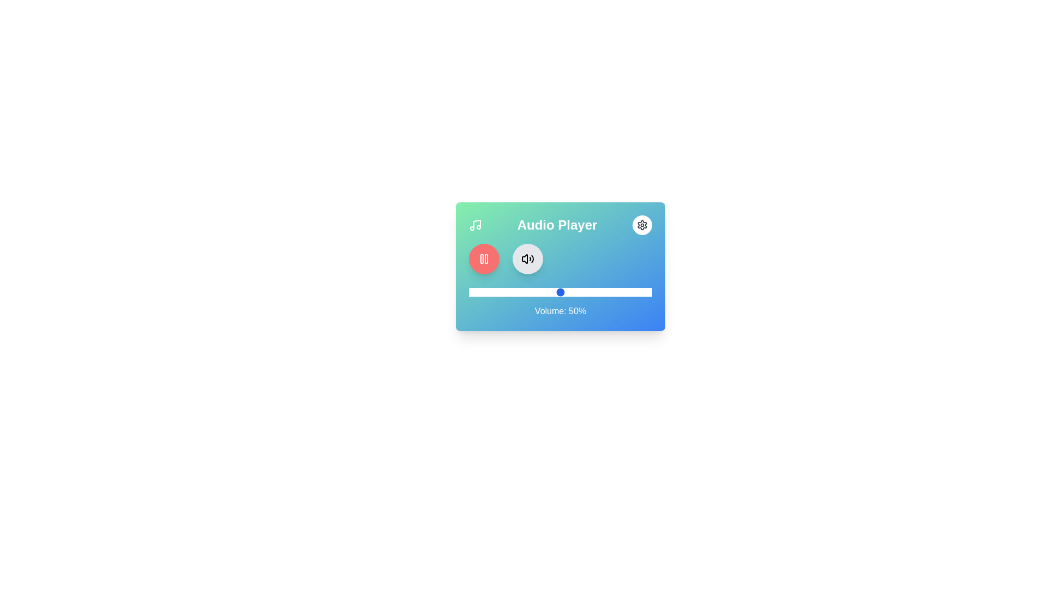 This screenshot has height=589, width=1047. Describe the element at coordinates (528, 259) in the screenshot. I see `the speaker icon button with sound waves` at that location.